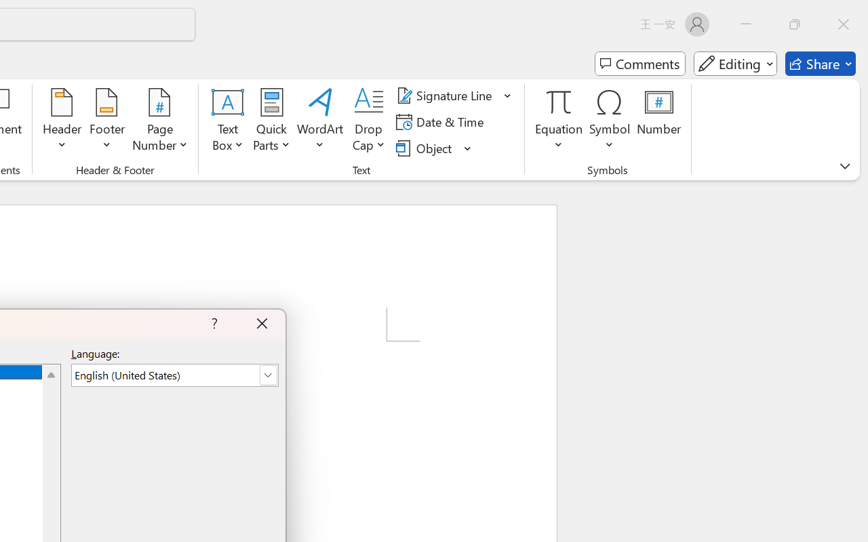 This screenshot has width=868, height=542. Describe the element at coordinates (425, 148) in the screenshot. I see `'Object...'` at that location.